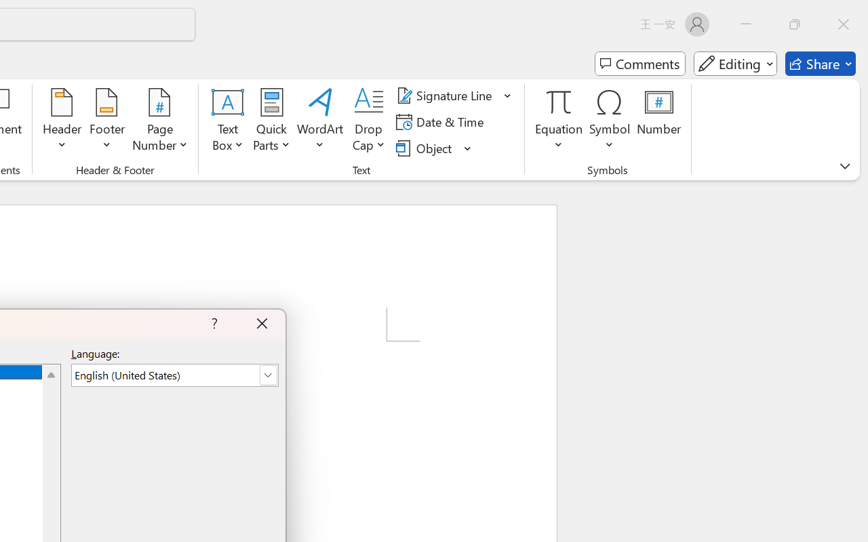 This screenshot has width=868, height=542. Describe the element at coordinates (425, 148) in the screenshot. I see `'Object...'` at that location.